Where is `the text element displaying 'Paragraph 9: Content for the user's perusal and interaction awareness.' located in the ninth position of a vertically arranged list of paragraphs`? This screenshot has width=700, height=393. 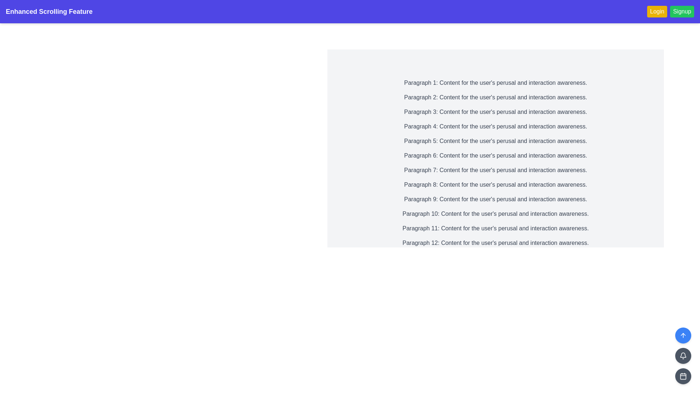 the text element displaying 'Paragraph 9: Content for the user's perusal and interaction awareness.' located in the ninth position of a vertically arranged list of paragraphs is located at coordinates (495, 199).